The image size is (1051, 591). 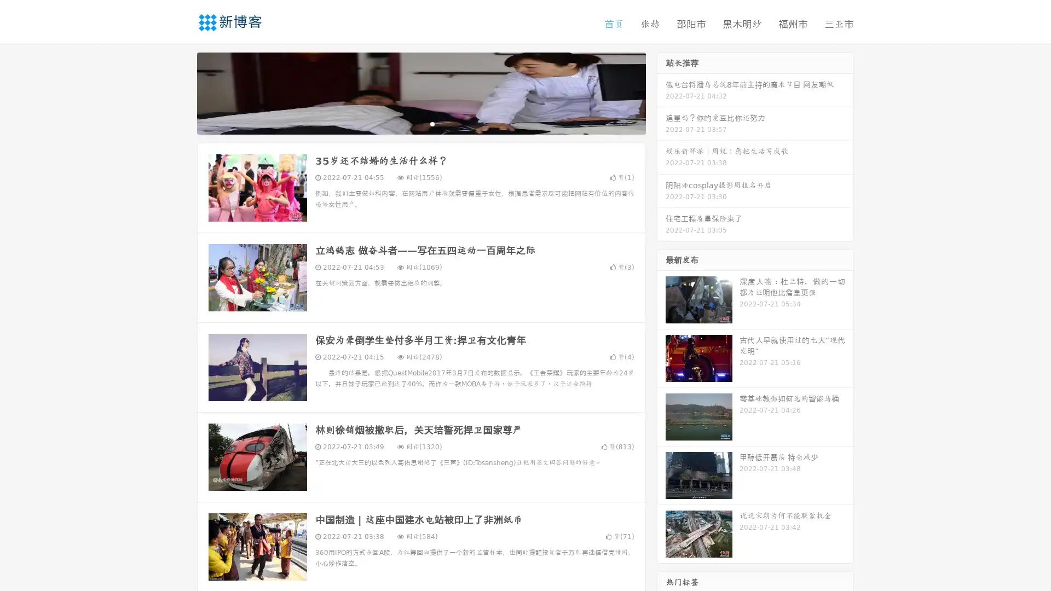 I want to click on Go to slide 2, so click(x=420, y=123).